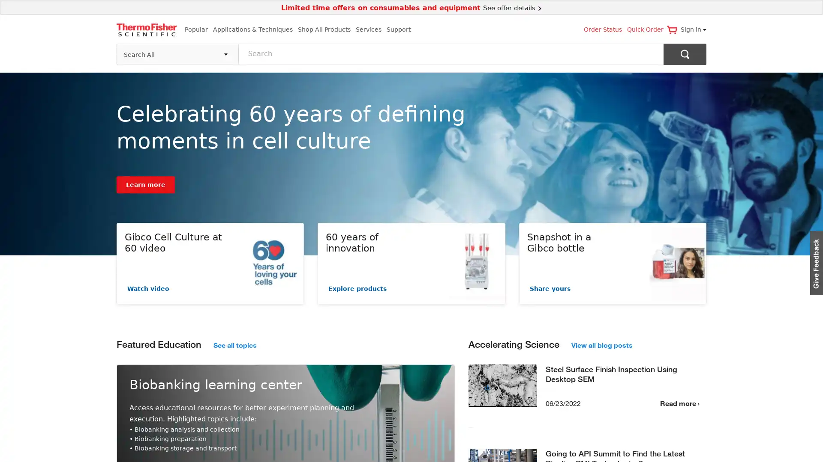 This screenshot has width=823, height=462. What do you see at coordinates (685, 54) in the screenshot?
I see `search icon` at bounding box center [685, 54].